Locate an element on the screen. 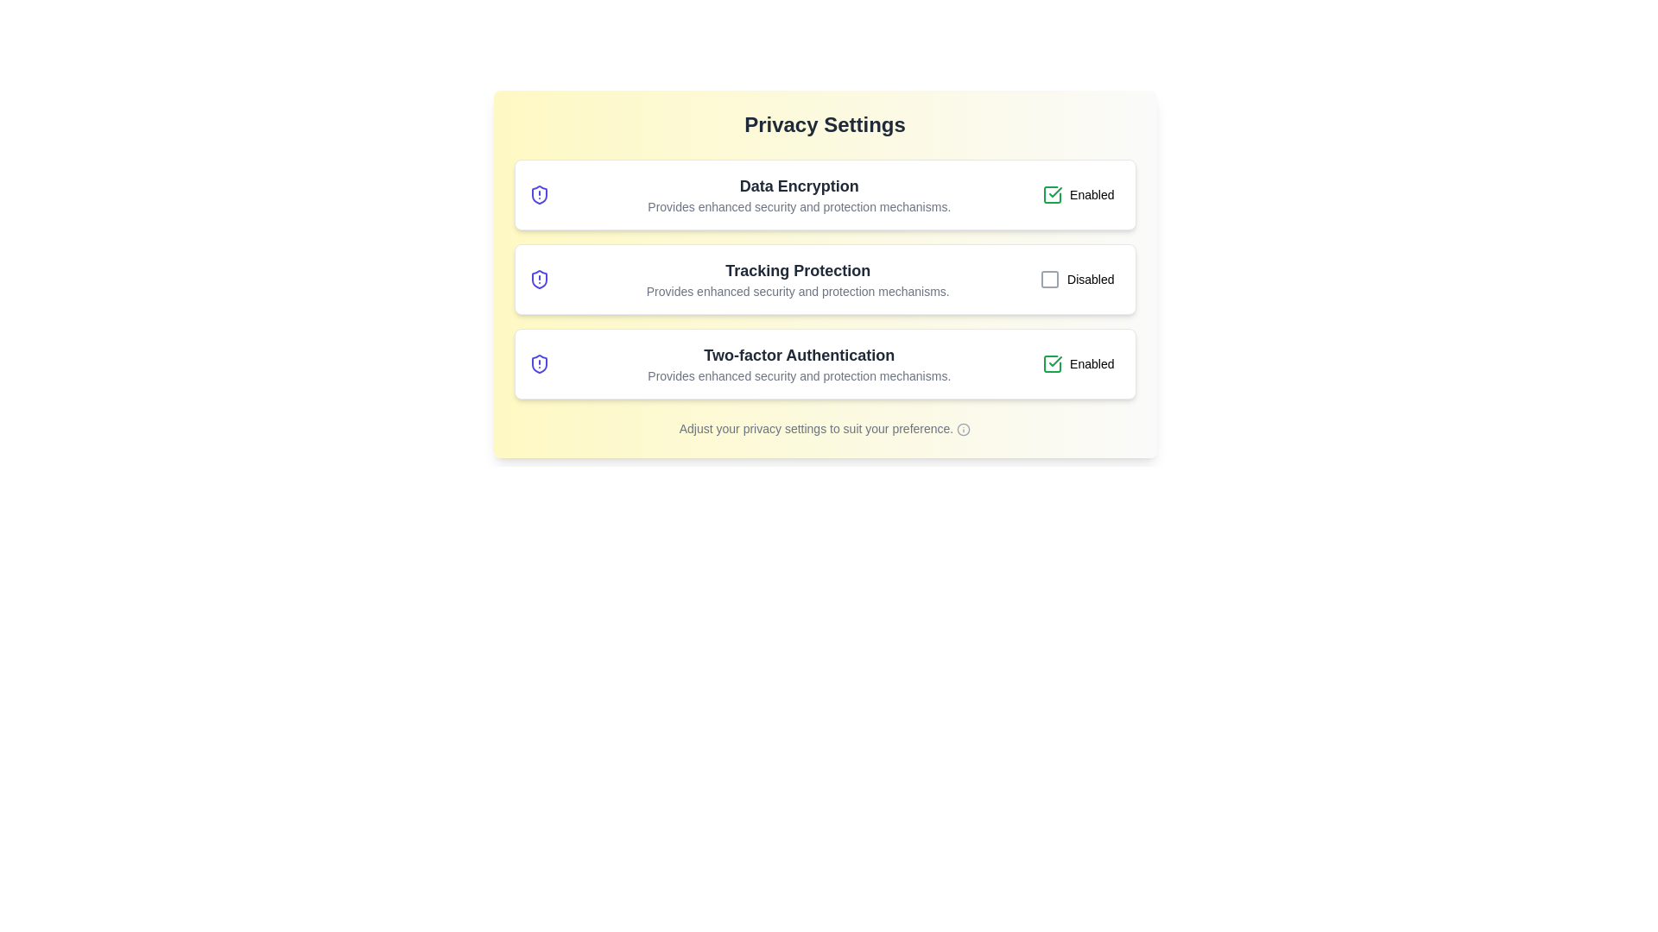 The width and height of the screenshot is (1658, 932). the square-shaped icon with a grey border and white interior located adjacent to the 'Disabled' label in the 'Tracking Protection' row of the Privacy Settings section is located at coordinates (1048, 279).